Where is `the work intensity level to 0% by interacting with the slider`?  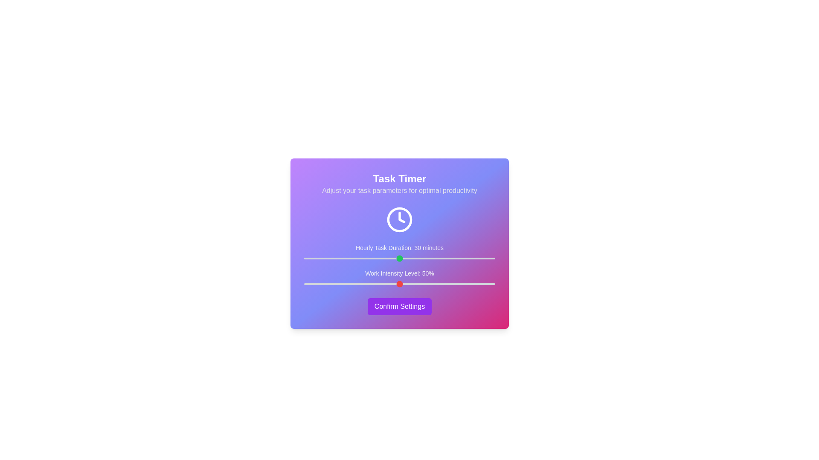 the work intensity level to 0% by interacting with the slider is located at coordinates (304, 284).